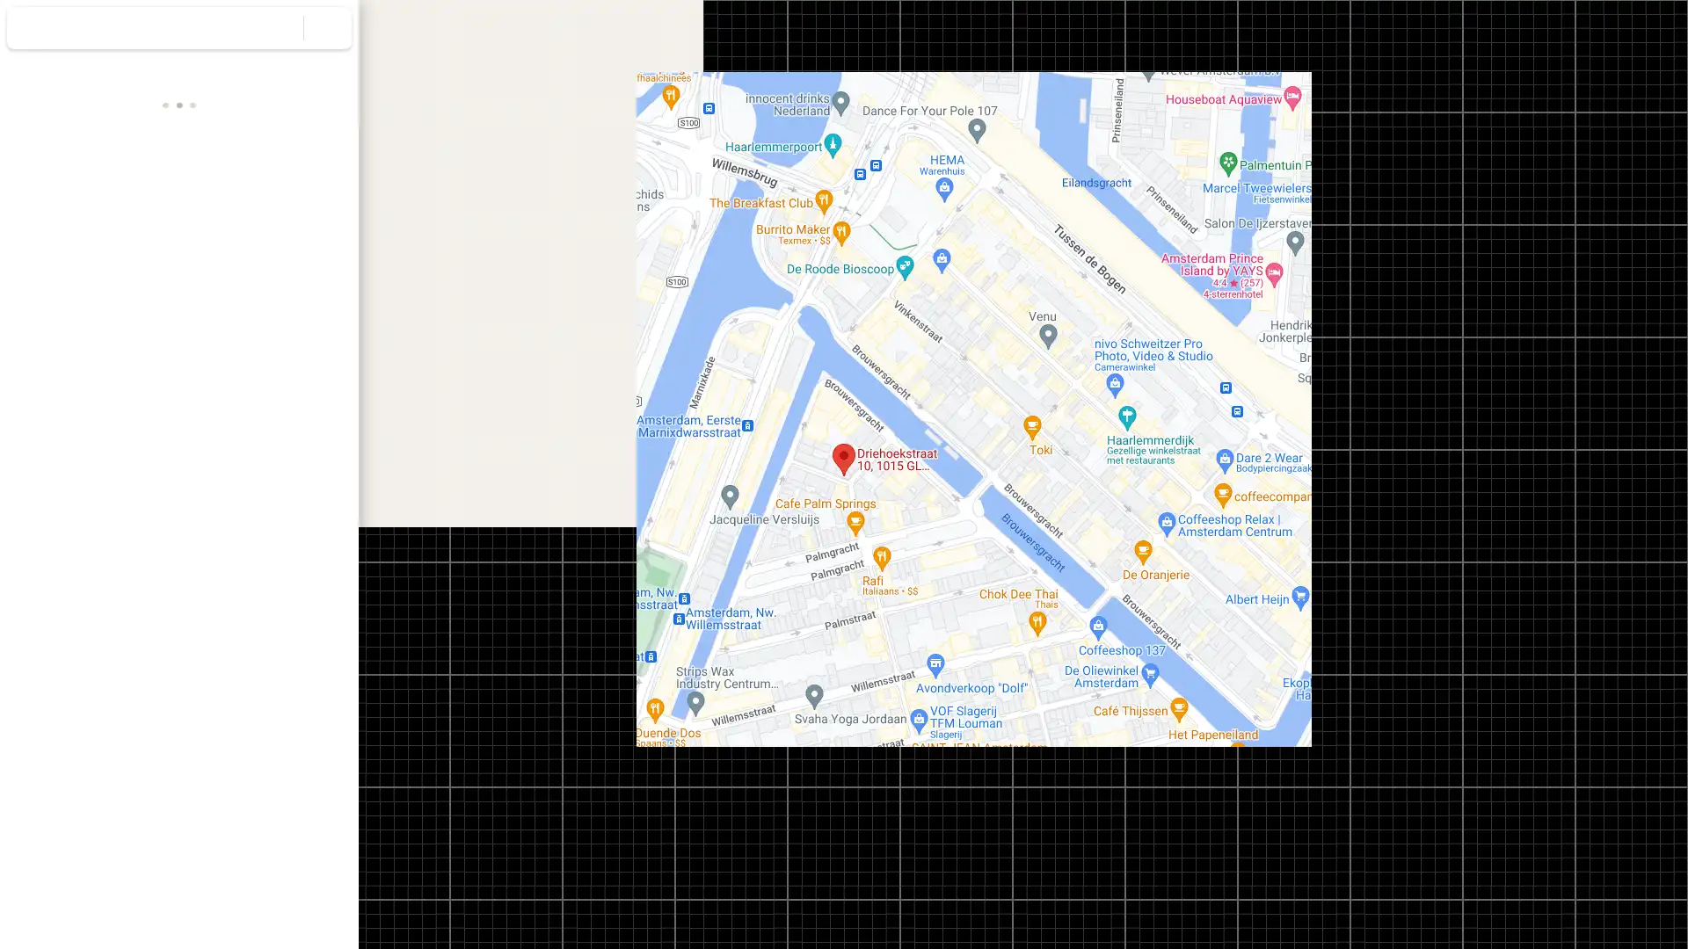 The height and width of the screenshot is (949, 1688). What do you see at coordinates (328, 27) in the screenshot?
I see `Zoekopdracht wissen` at bounding box center [328, 27].